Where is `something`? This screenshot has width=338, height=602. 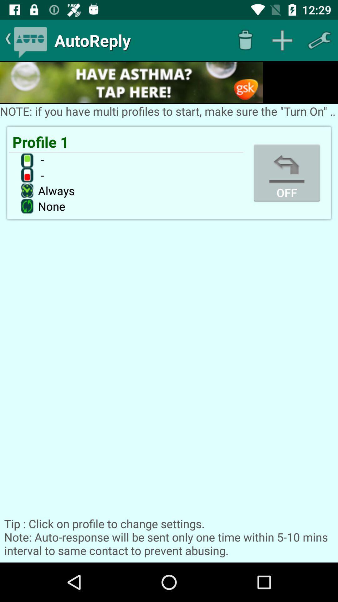 something is located at coordinates (282, 40).